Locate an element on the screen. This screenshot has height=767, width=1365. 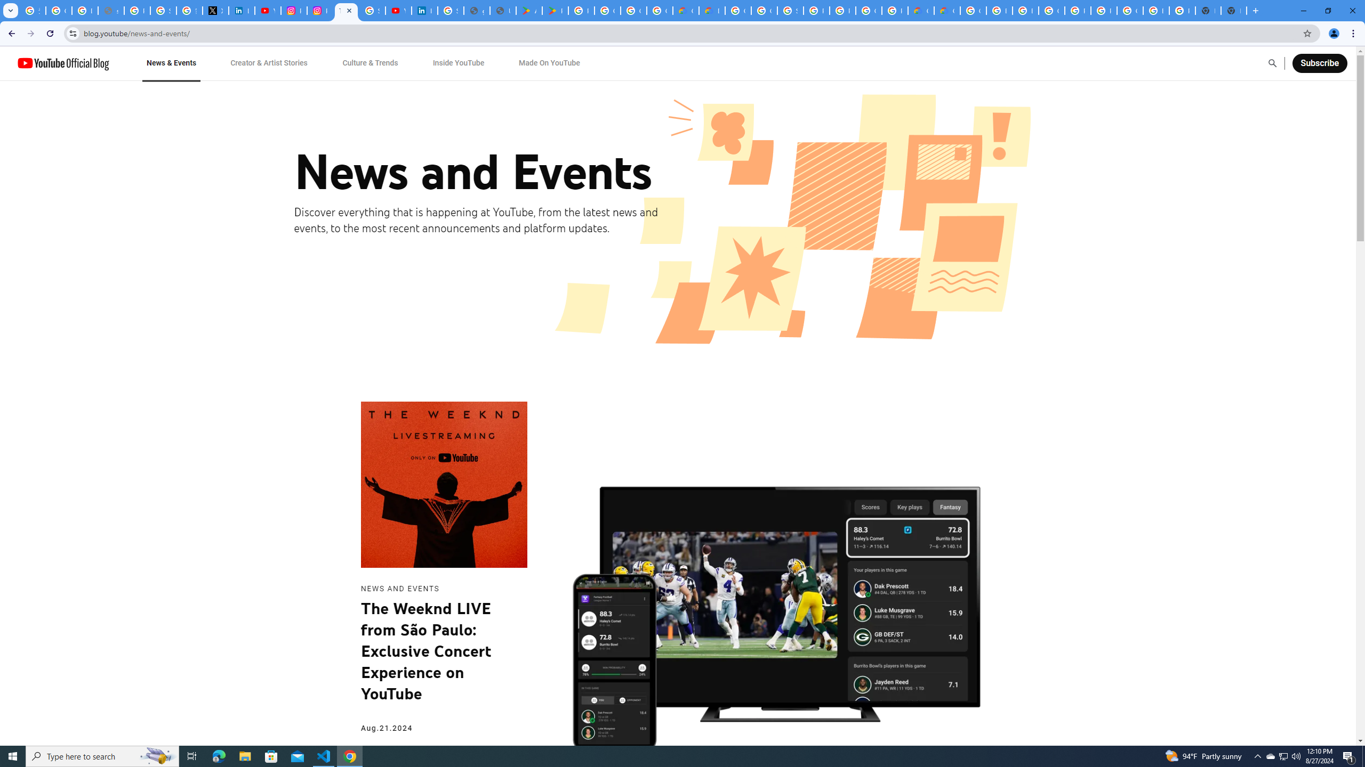
'PAW Patrol Rescue World - Apps on Google Play' is located at coordinates (555, 10).